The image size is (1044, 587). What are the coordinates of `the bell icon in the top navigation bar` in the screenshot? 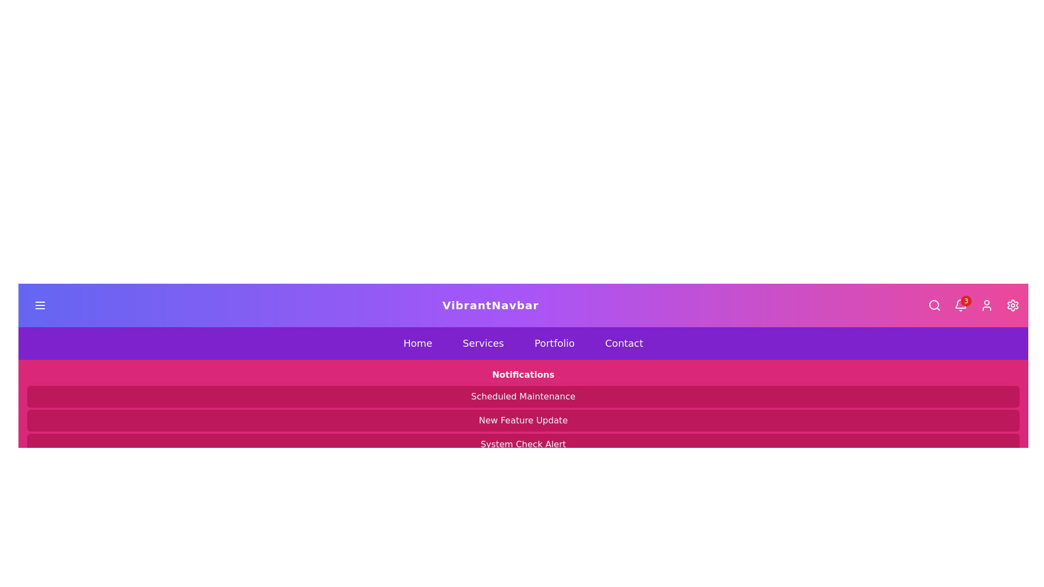 It's located at (960, 305).